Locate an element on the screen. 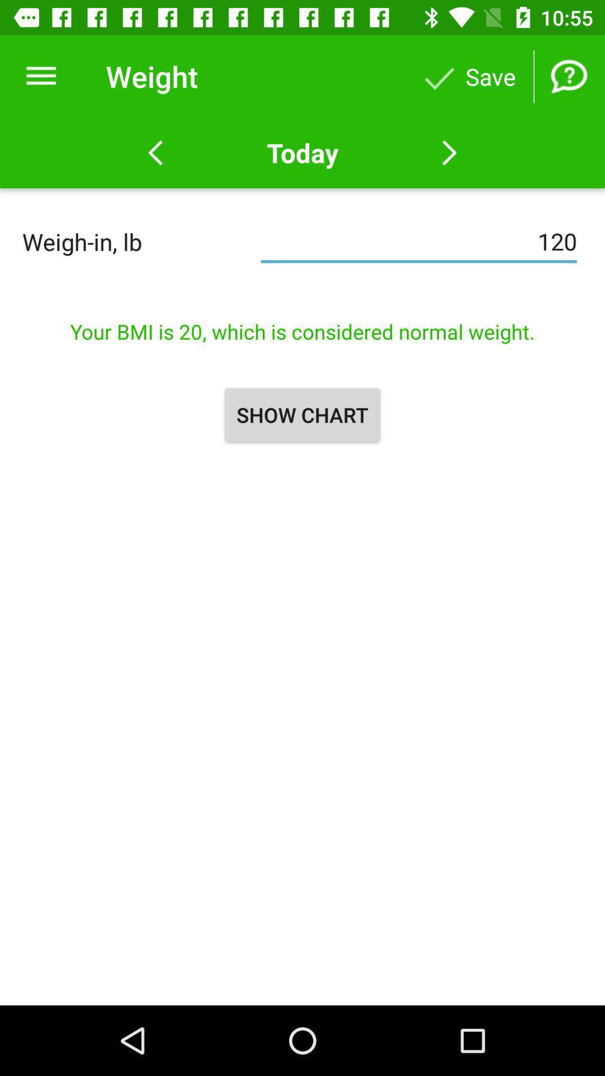  the item next to the weigh-in, lb item is located at coordinates (418, 241).